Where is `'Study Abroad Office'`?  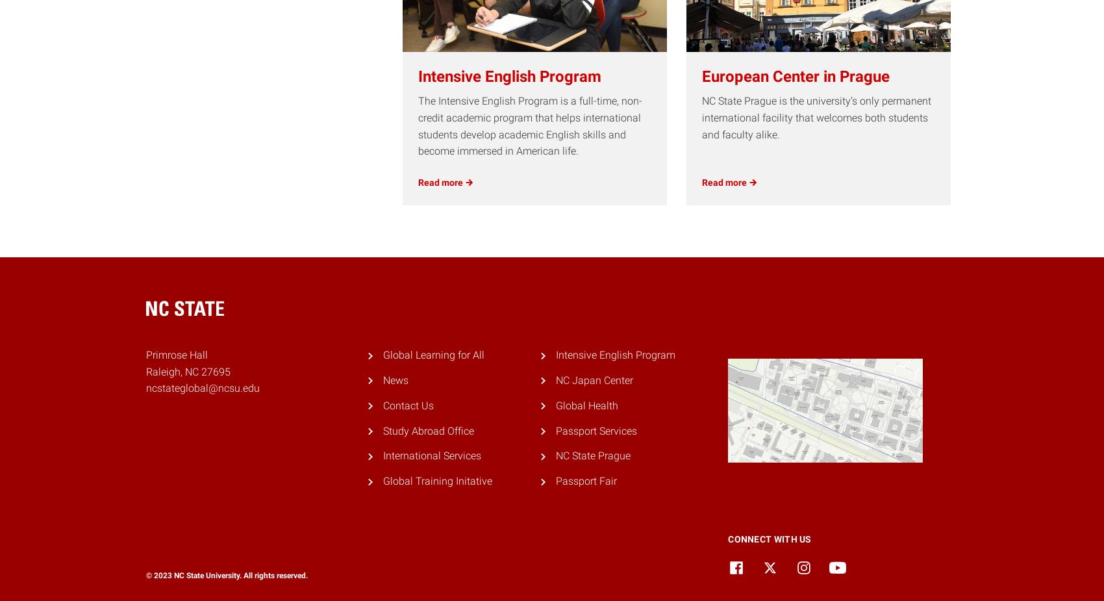 'Study Abroad Office' is located at coordinates (428, 430).